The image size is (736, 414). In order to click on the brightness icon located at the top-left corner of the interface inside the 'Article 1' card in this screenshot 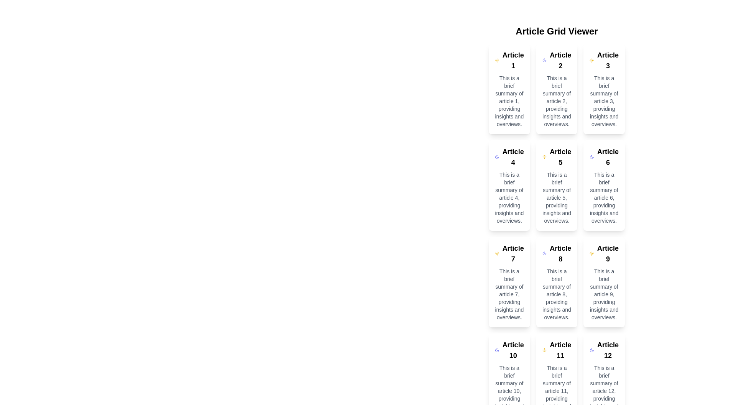, I will do `click(497, 60)`.